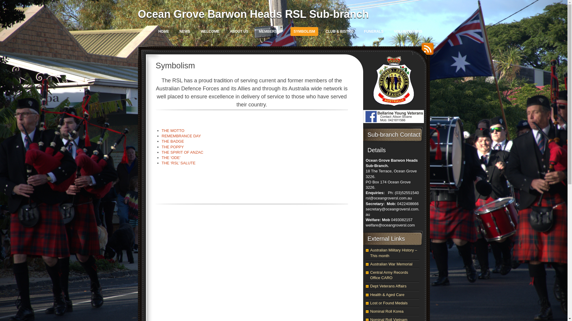 This screenshot has height=321, width=572. Describe the element at coordinates (340, 31) in the screenshot. I see `'CLUB & BISTRO'` at that location.